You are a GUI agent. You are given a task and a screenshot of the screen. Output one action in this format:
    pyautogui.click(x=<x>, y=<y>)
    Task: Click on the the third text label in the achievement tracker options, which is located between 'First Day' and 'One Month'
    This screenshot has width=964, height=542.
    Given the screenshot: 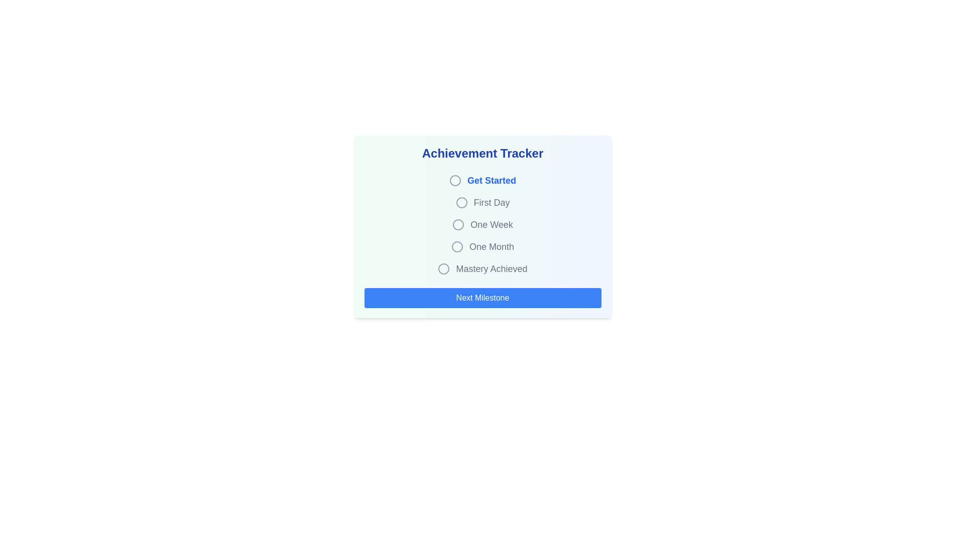 What is the action you would take?
    pyautogui.click(x=492, y=224)
    